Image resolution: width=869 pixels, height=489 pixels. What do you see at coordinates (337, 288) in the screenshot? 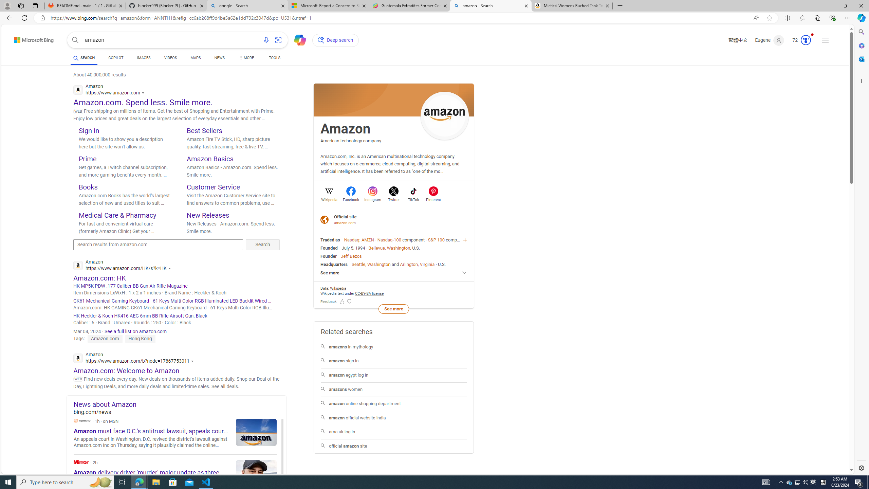
I see `'Data attribution Wikipedia'` at bounding box center [337, 288].